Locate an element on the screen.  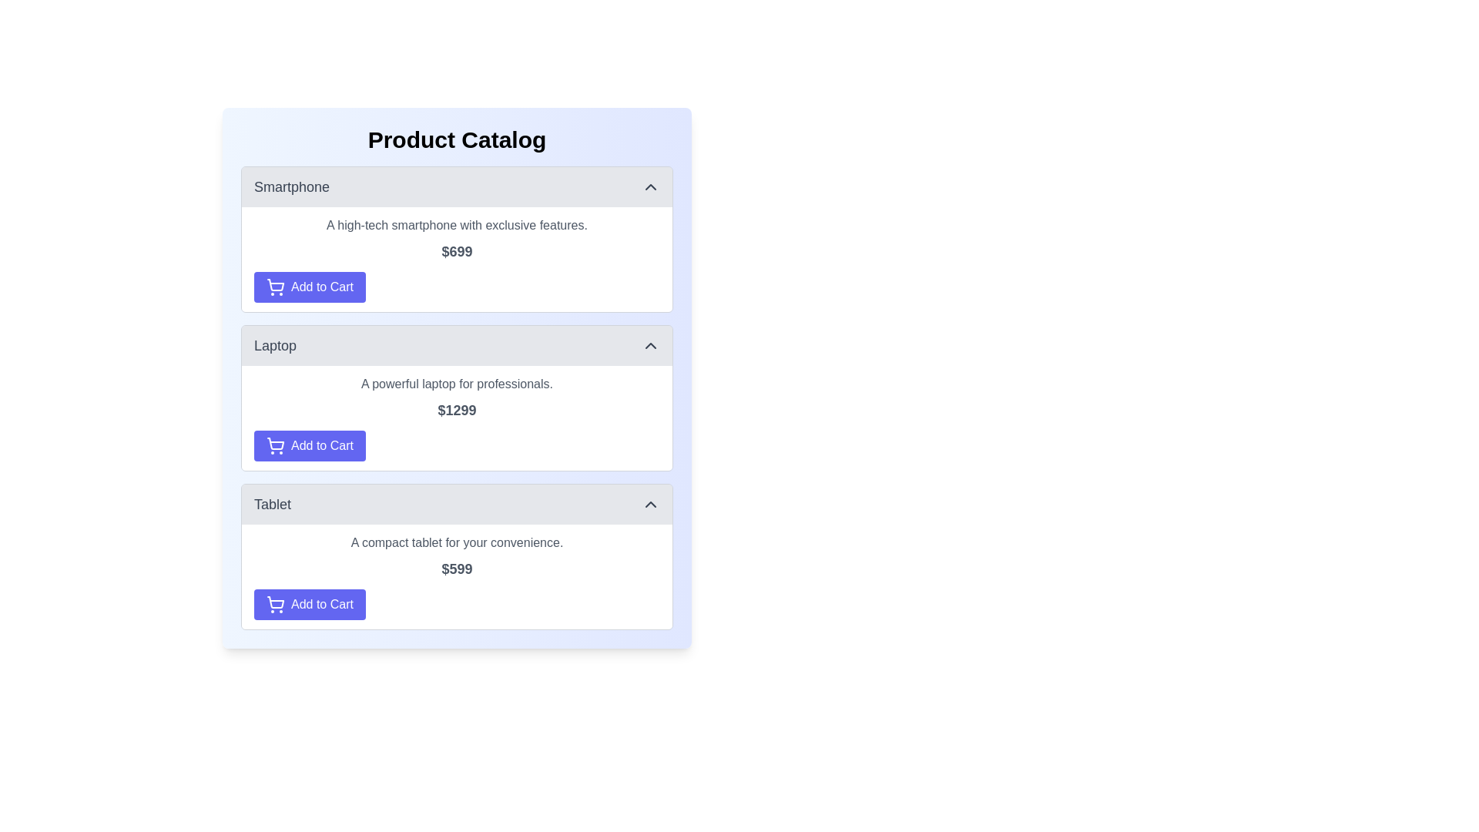
the Informational block displaying descriptive text and pricing information about the compact tablet device located in the 'Tablet' product card, below the title and above the 'Add to Cart' button is located at coordinates (456, 576).